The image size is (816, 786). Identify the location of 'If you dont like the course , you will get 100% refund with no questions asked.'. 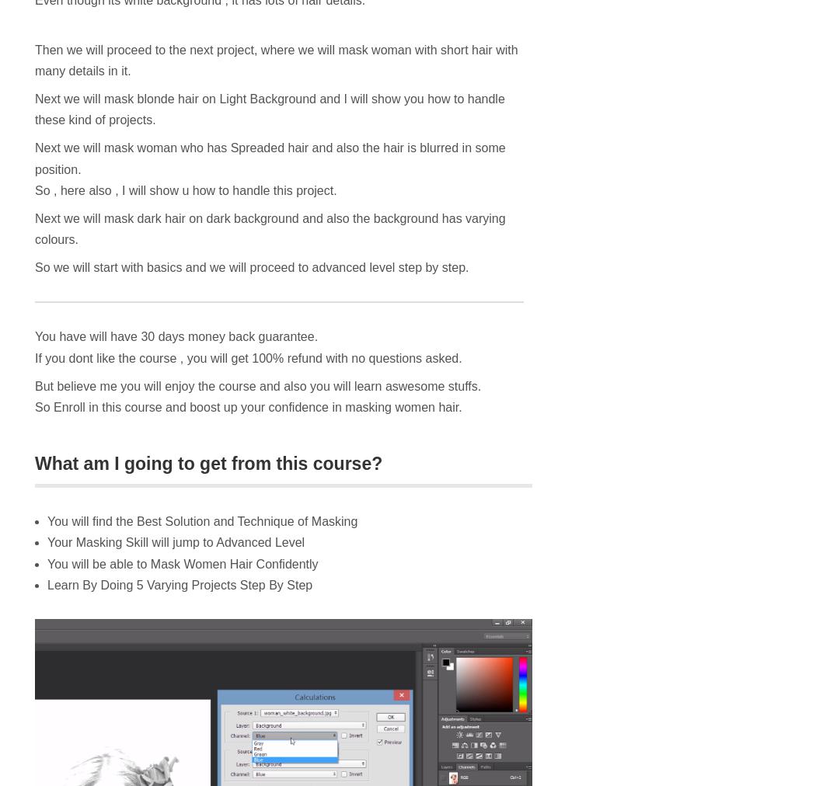
(248, 357).